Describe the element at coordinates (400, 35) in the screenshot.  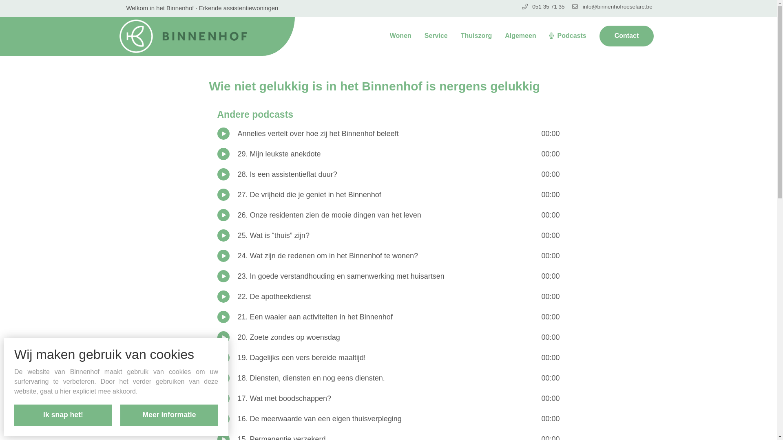
I see `'Wonen'` at that location.